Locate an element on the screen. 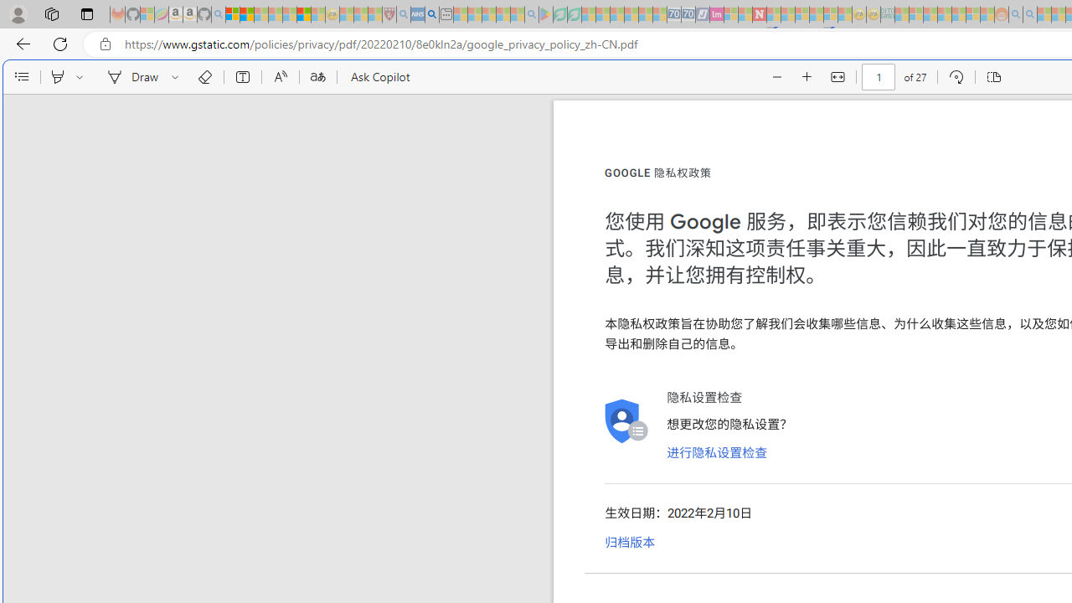  'Contents' is located at coordinates (21, 77).